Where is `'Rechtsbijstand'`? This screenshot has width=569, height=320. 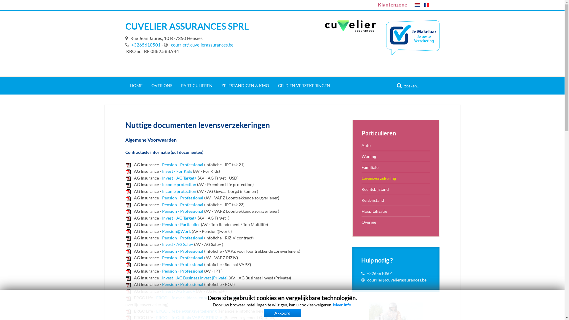
'Rechtsbijstand' is located at coordinates (396, 189).